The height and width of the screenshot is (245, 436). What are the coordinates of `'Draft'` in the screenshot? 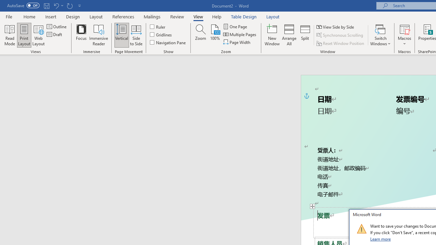 It's located at (55, 34).